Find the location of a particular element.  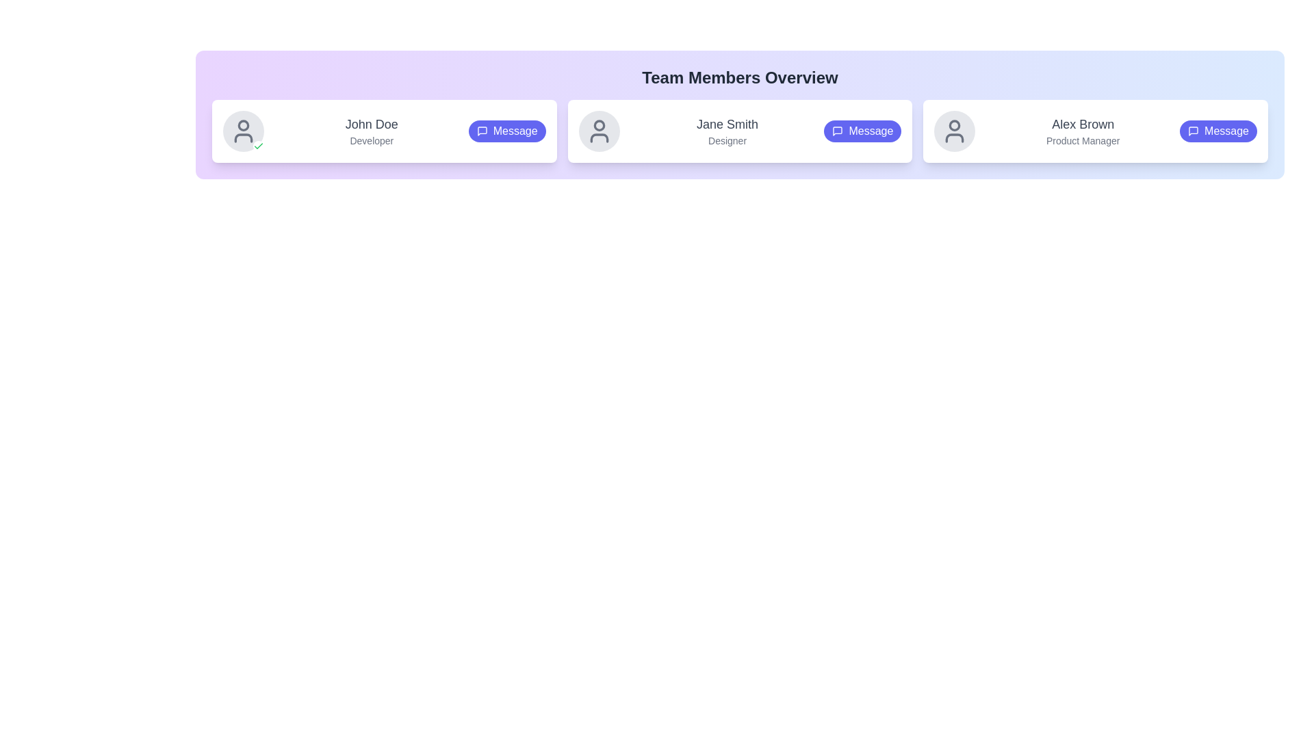

the button that initiates a messaging action for John Doe, located in the first card under the 'Team Members Overview' section is located at coordinates (506, 131).